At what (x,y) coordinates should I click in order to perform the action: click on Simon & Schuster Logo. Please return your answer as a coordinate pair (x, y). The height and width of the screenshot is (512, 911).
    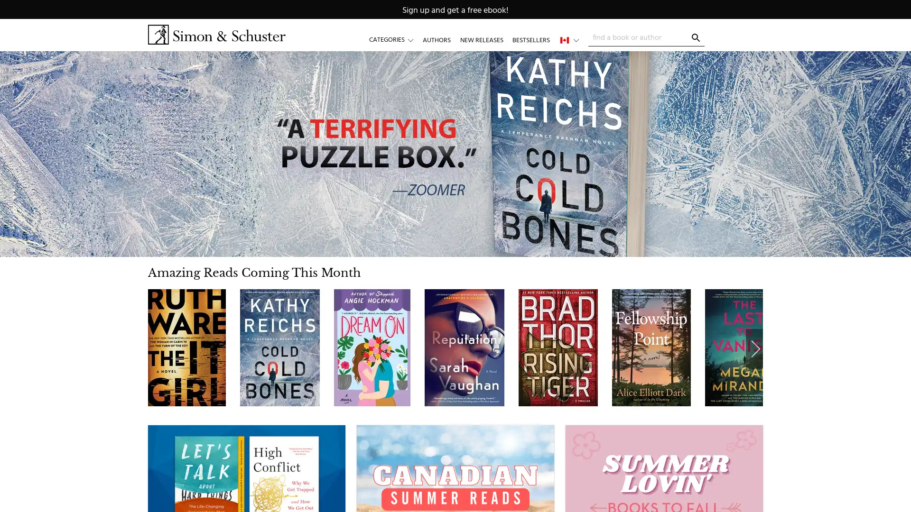
    Looking at the image, I should click on (216, 34).